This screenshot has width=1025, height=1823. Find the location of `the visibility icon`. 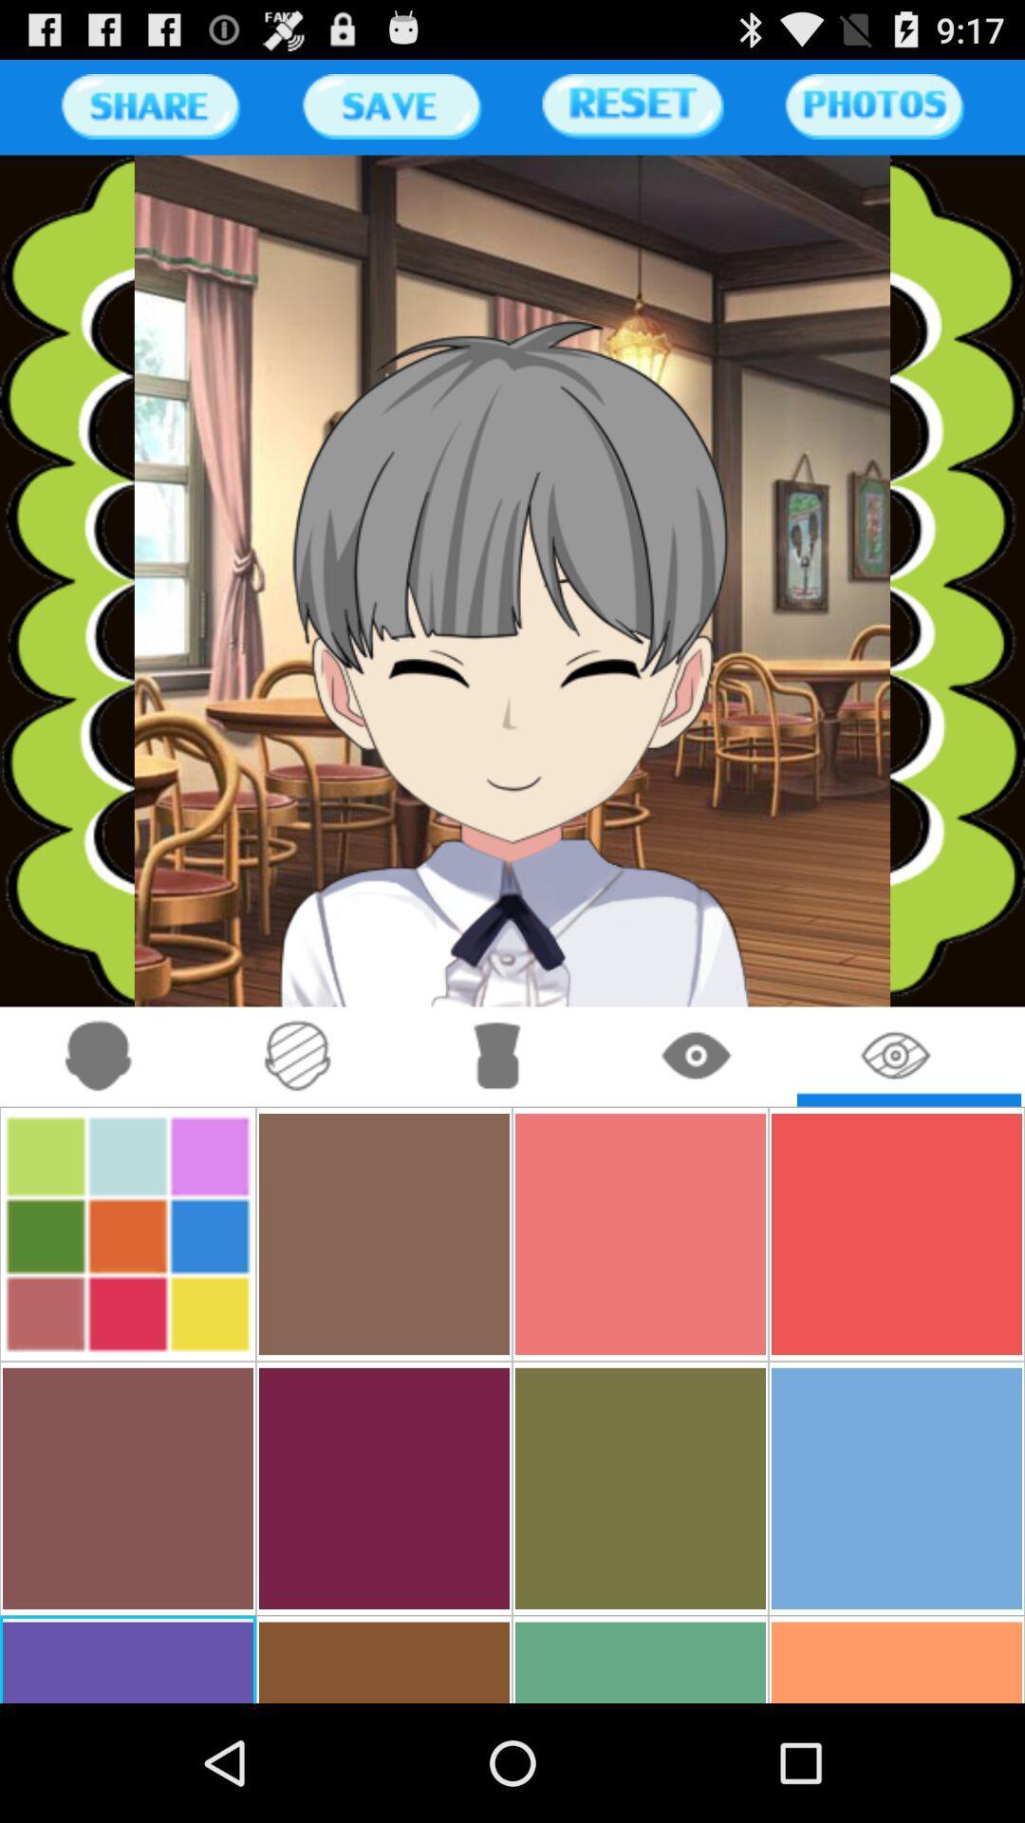

the visibility icon is located at coordinates (897, 1131).